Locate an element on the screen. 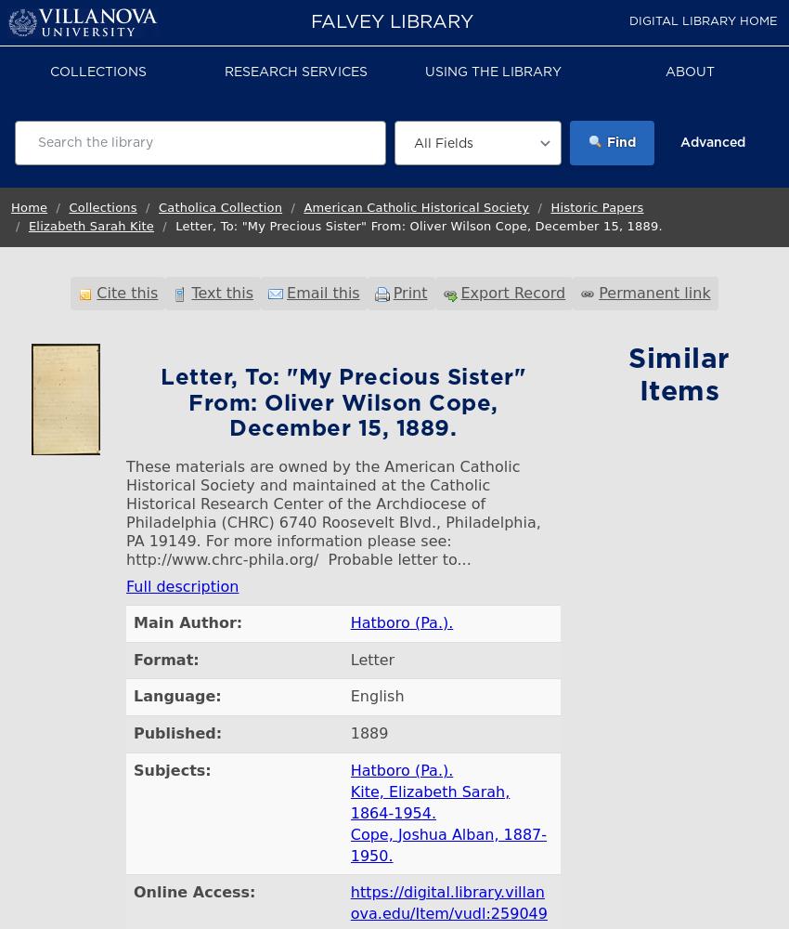 The height and width of the screenshot is (929, 789). 'Catholica Collection' is located at coordinates (220, 206).